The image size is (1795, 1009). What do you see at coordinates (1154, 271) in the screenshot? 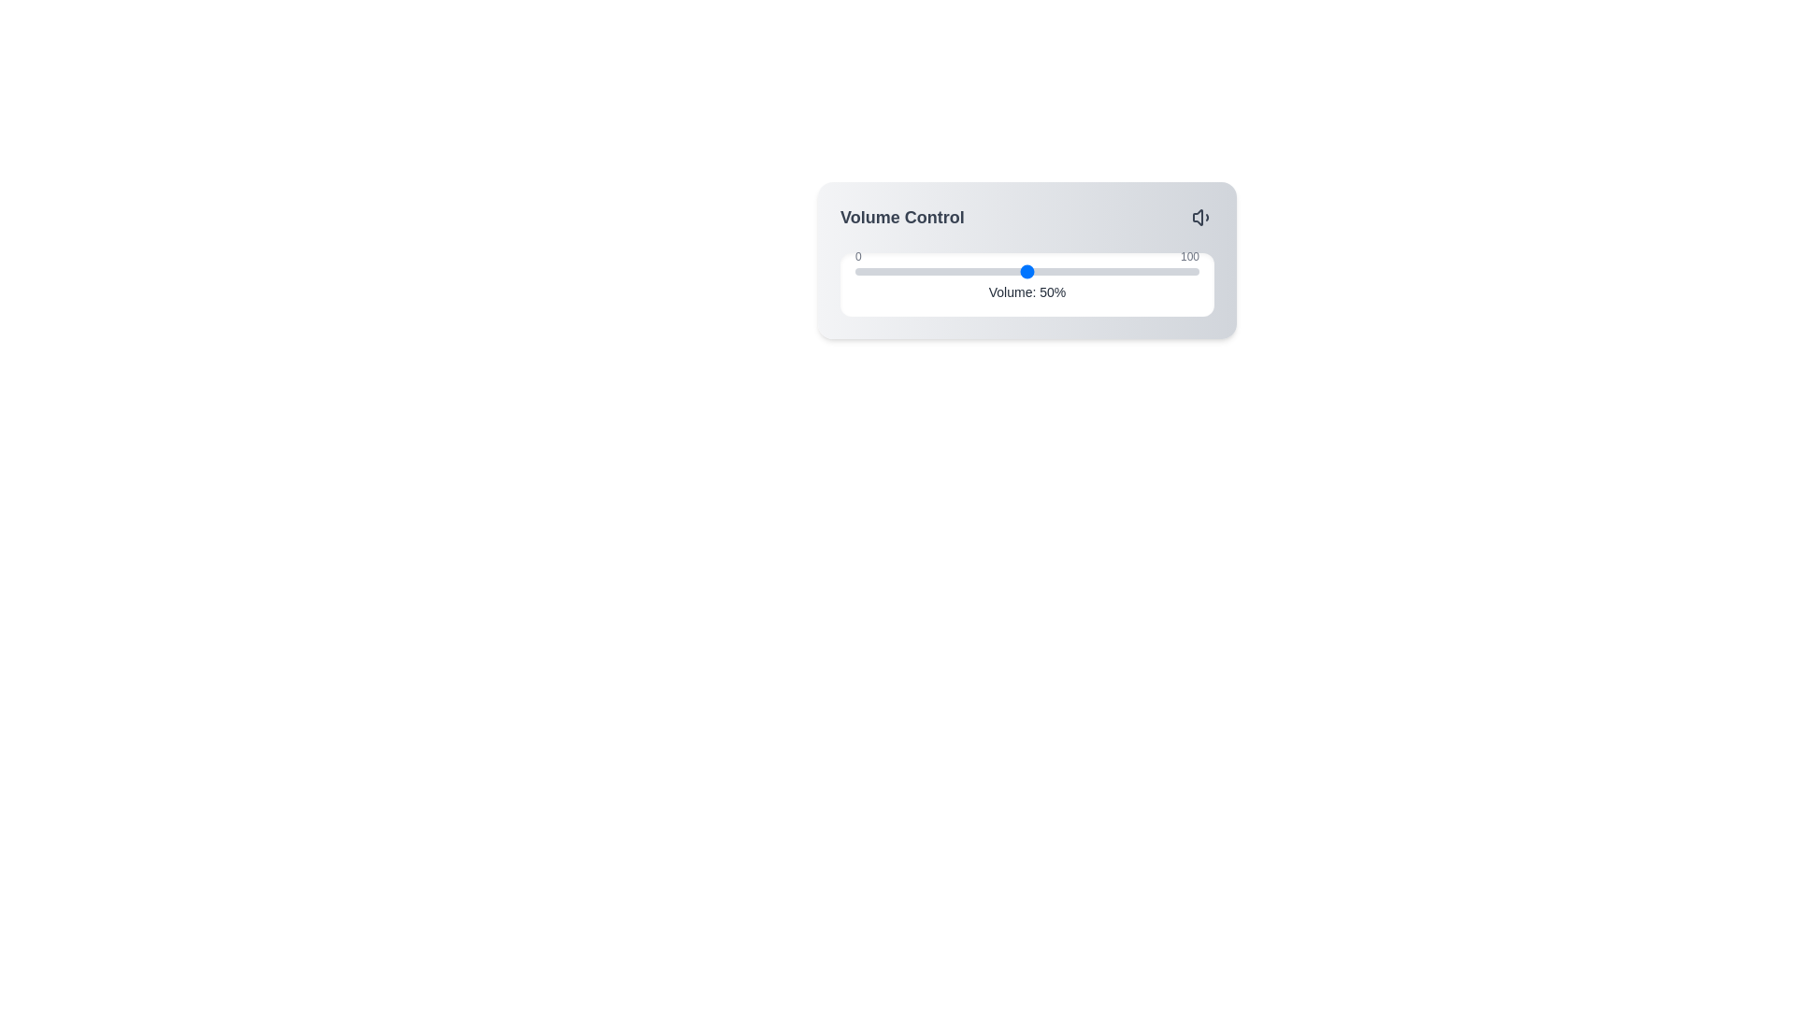
I see `the volume to 87% by dragging the slider` at bounding box center [1154, 271].